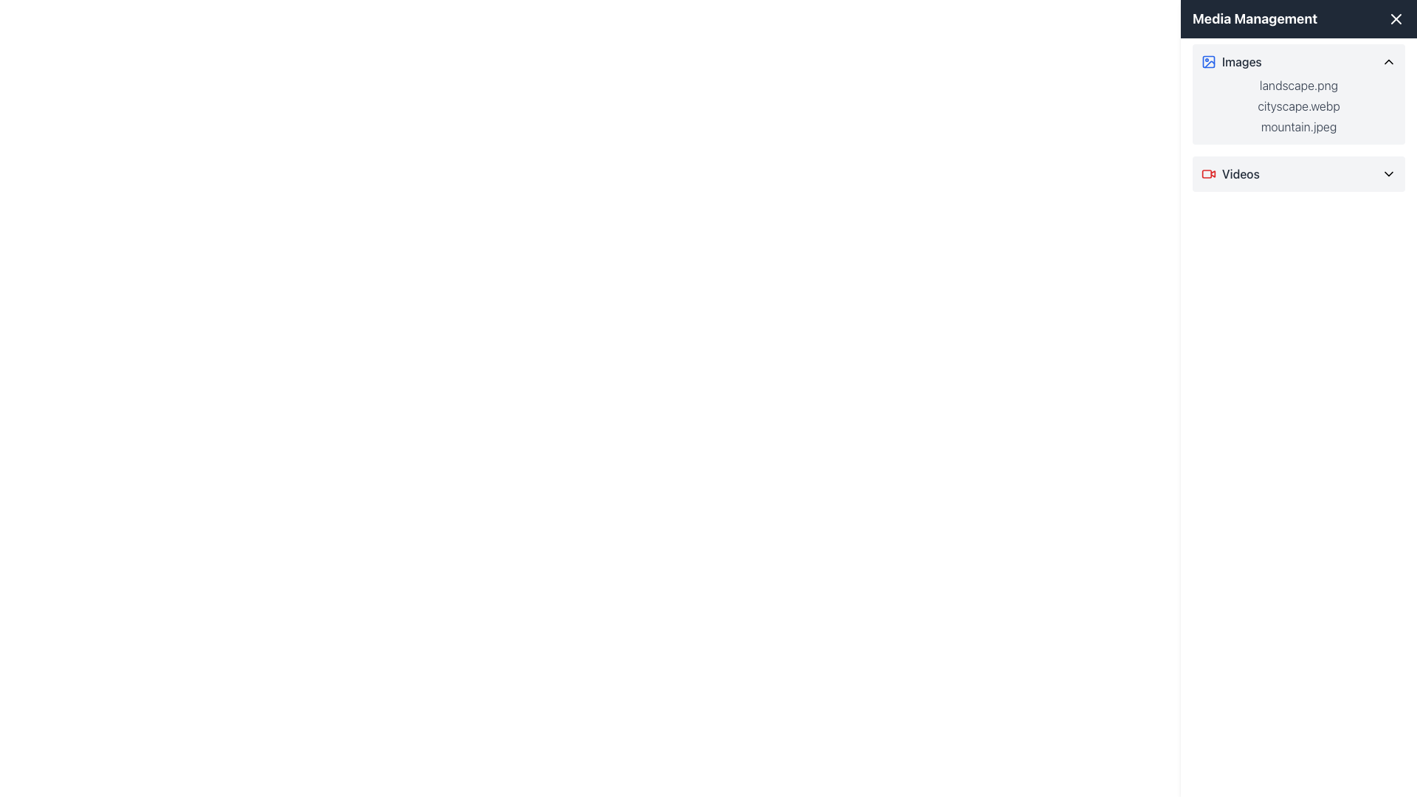 The image size is (1417, 797). I want to click on to select the file labeled 'mountain.jpeg' displayed in gray font within the 'Media Management' sidebar, specifically the third item under the 'Images' section, so click(1299, 126).